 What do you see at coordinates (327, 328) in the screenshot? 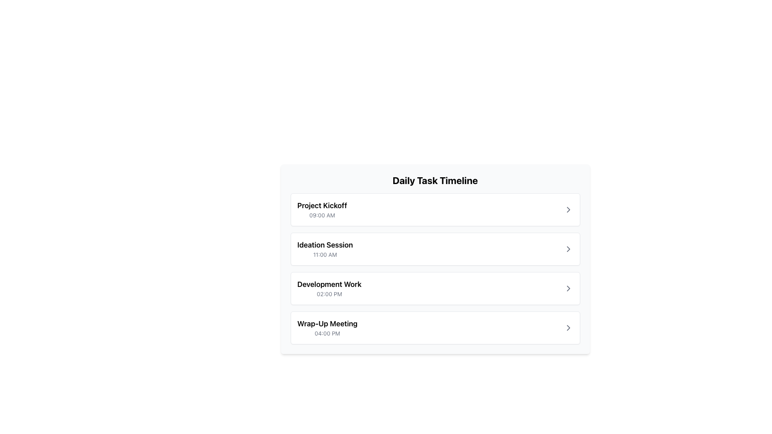
I see `the Textual Display Element that shows the scheduled event titled 'Wrap-Up Meeting' at '04:00 PM', located in the 'Daily Task Timeline' card` at bounding box center [327, 328].